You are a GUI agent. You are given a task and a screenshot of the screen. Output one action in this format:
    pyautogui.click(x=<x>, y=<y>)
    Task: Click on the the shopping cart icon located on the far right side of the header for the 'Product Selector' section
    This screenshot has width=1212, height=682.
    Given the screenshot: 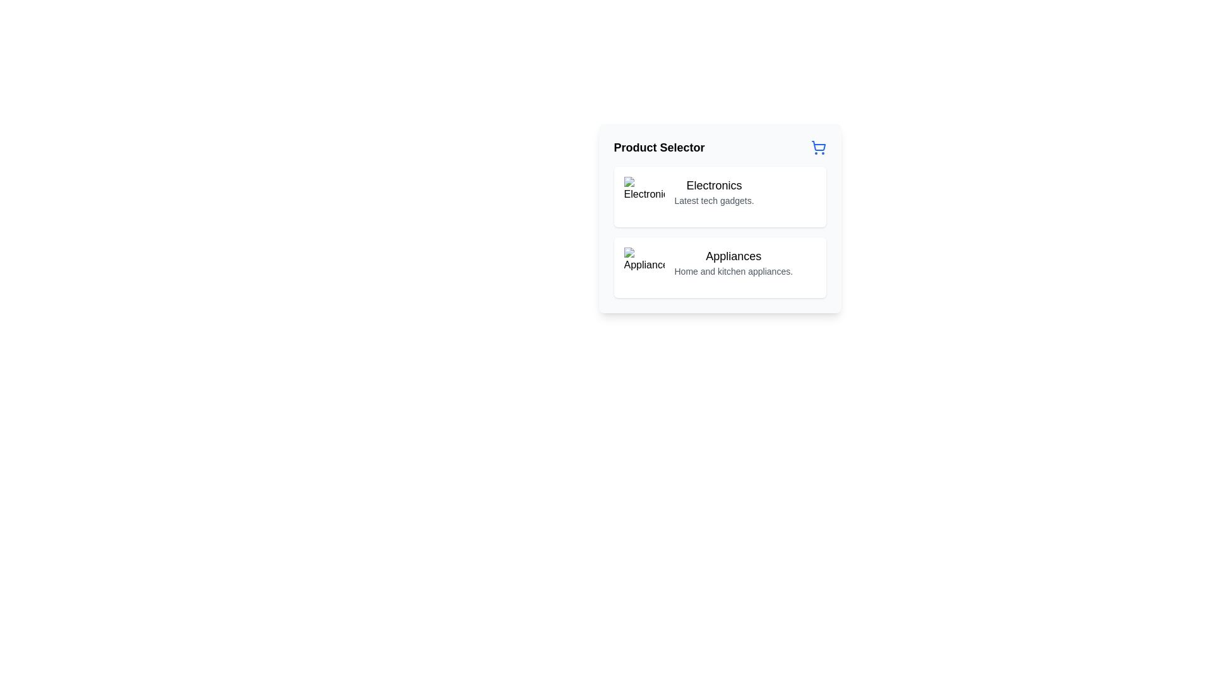 What is the action you would take?
    pyautogui.click(x=818, y=147)
    